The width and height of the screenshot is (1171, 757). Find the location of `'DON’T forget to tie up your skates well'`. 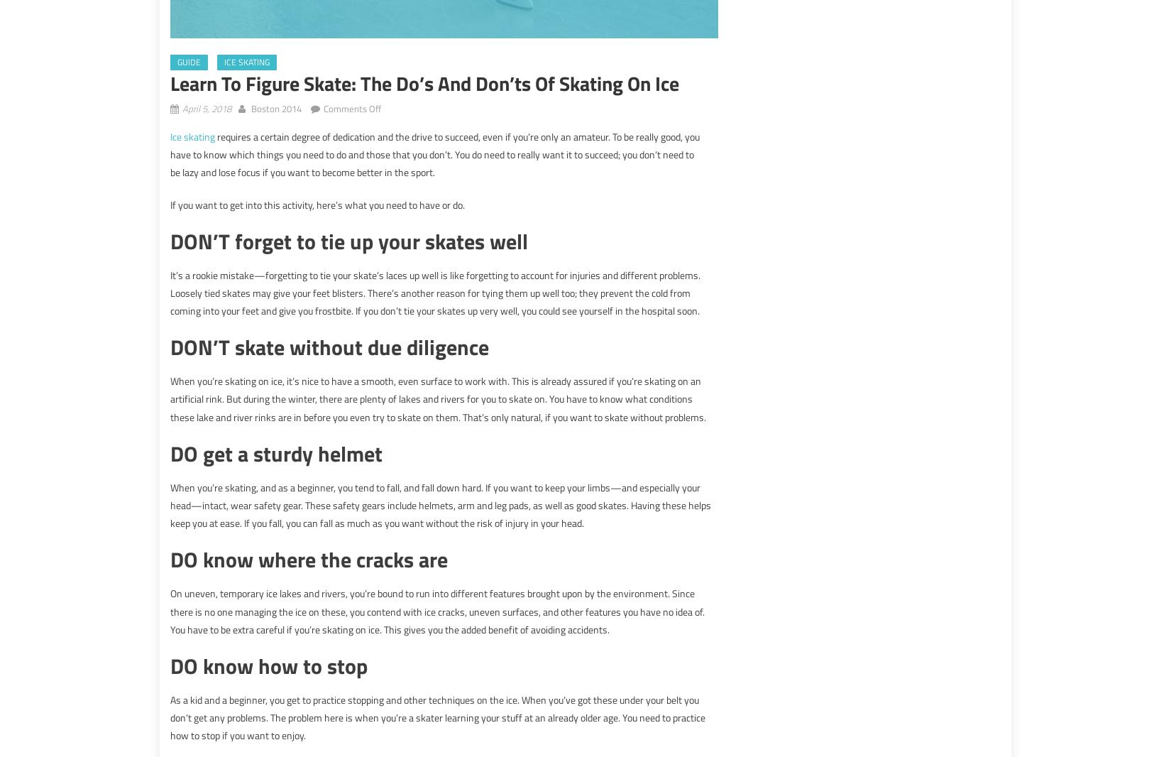

'DON’T forget to tie up your skates well' is located at coordinates (348, 240).